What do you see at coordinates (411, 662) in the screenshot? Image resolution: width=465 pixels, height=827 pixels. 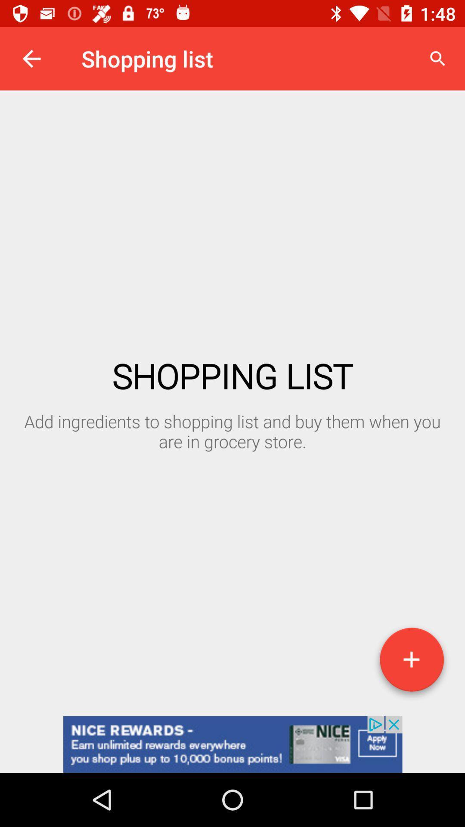 I see `the add icon` at bounding box center [411, 662].